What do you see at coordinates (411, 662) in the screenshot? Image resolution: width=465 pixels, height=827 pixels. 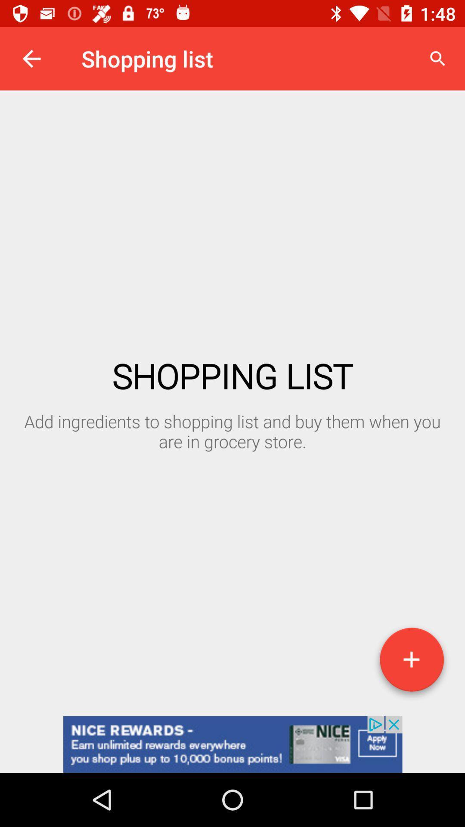 I see `the add icon` at bounding box center [411, 662].